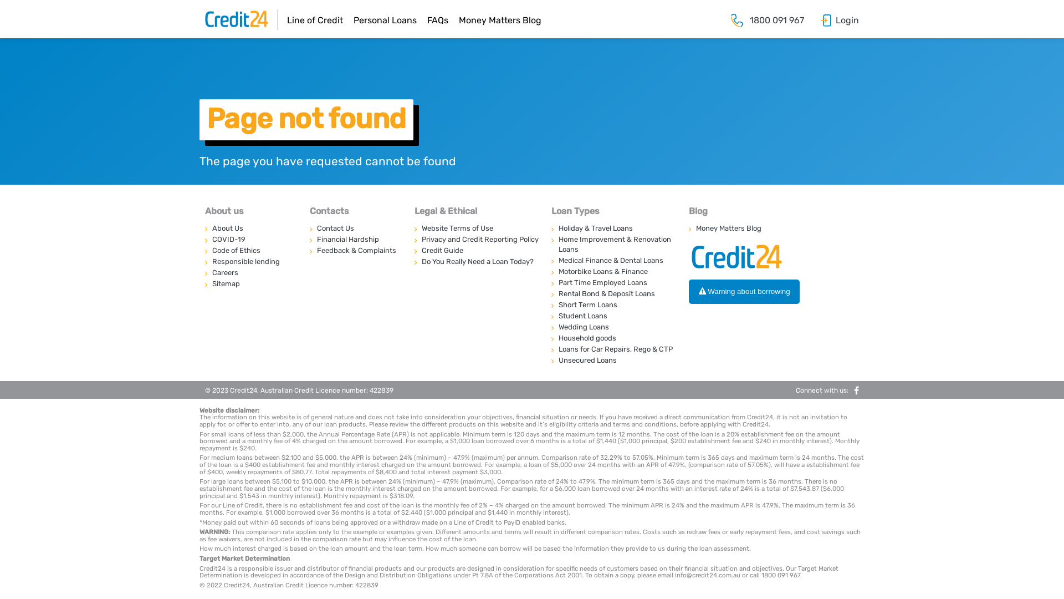 The height and width of the screenshot is (599, 1064). What do you see at coordinates (613, 282) in the screenshot?
I see `'Part Time Employed Loans'` at bounding box center [613, 282].